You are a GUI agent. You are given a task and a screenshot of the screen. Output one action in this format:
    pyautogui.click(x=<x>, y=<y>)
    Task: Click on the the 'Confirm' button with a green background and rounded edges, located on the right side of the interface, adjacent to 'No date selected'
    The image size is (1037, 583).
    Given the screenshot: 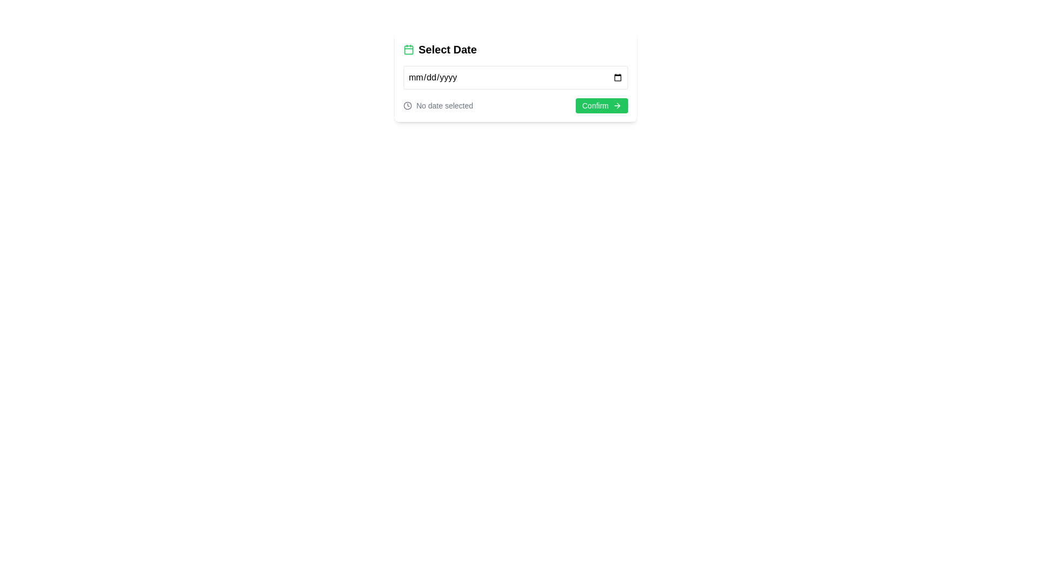 What is the action you would take?
    pyautogui.click(x=601, y=106)
    